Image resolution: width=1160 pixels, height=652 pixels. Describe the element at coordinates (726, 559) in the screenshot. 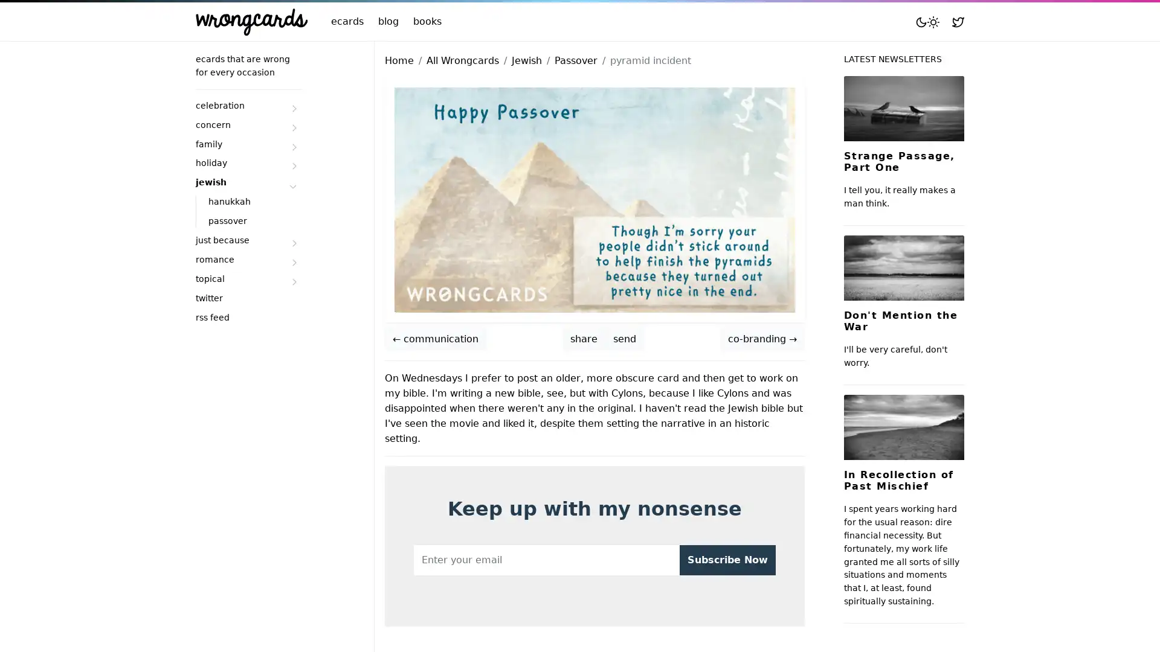

I see `Subscribe Now` at that location.